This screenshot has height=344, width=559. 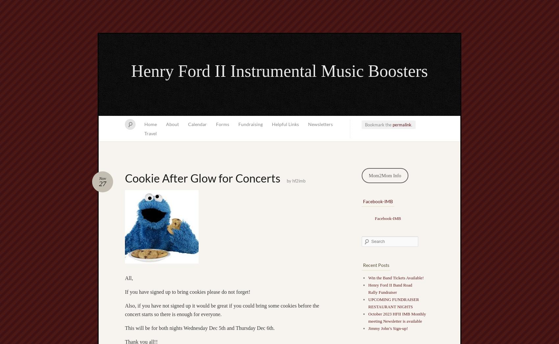 What do you see at coordinates (395, 277) in the screenshot?
I see `'Win the Band Tickets Available!'` at bounding box center [395, 277].